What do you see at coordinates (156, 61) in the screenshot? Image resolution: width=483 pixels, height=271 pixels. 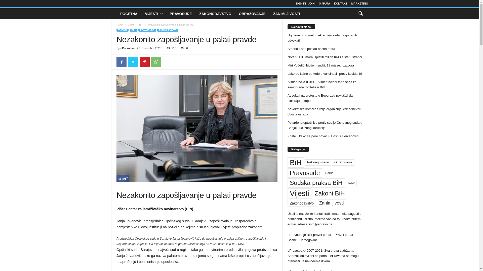 I see `'WhatsApp'` at bounding box center [156, 61].